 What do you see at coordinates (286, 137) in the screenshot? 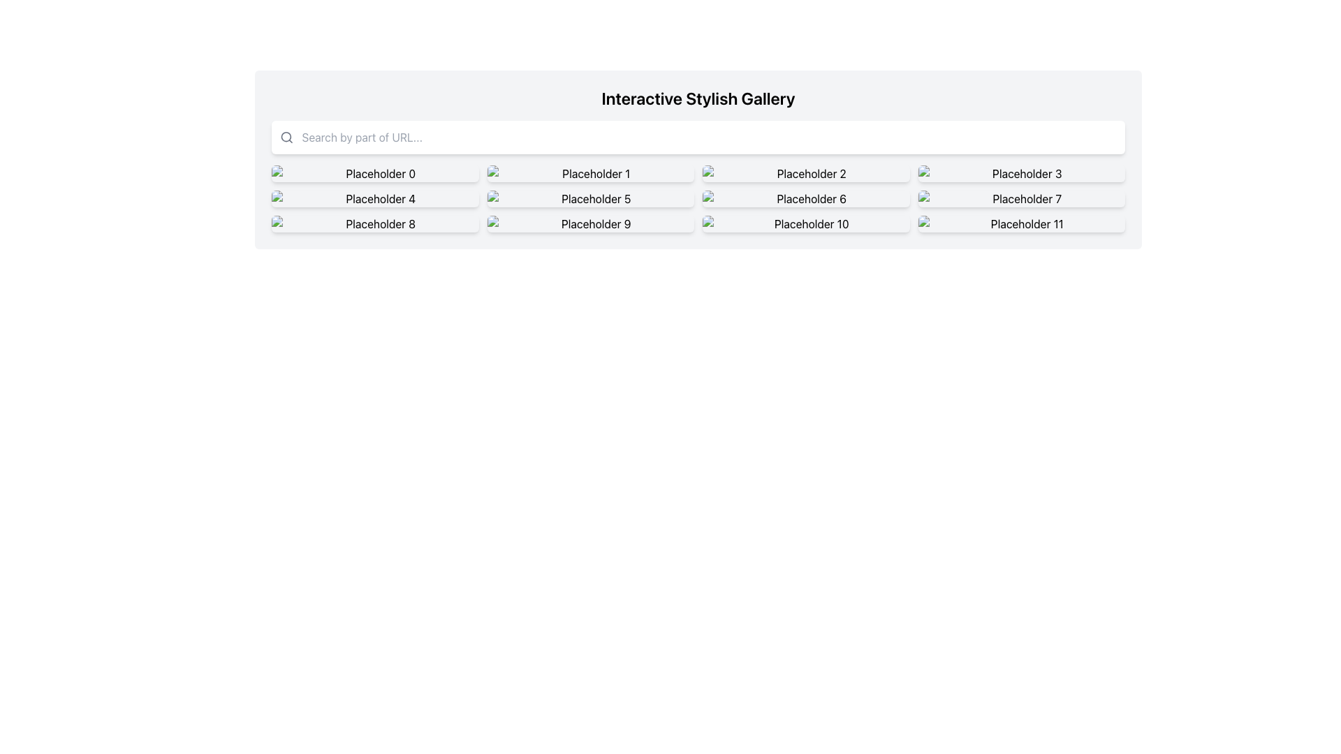
I see `the search icon, which is a minimalistic magnifying glass styled with a thin stroke and neutral color, located to the left of the text input field labeled 'Search by part of URL...'` at bounding box center [286, 137].